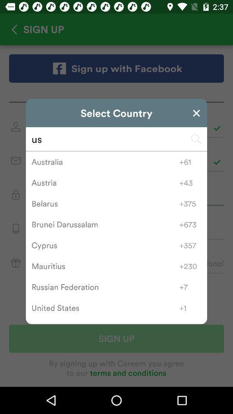 The image size is (233, 414). What do you see at coordinates (105, 245) in the screenshot?
I see `the icon next to +357 item` at bounding box center [105, 245].